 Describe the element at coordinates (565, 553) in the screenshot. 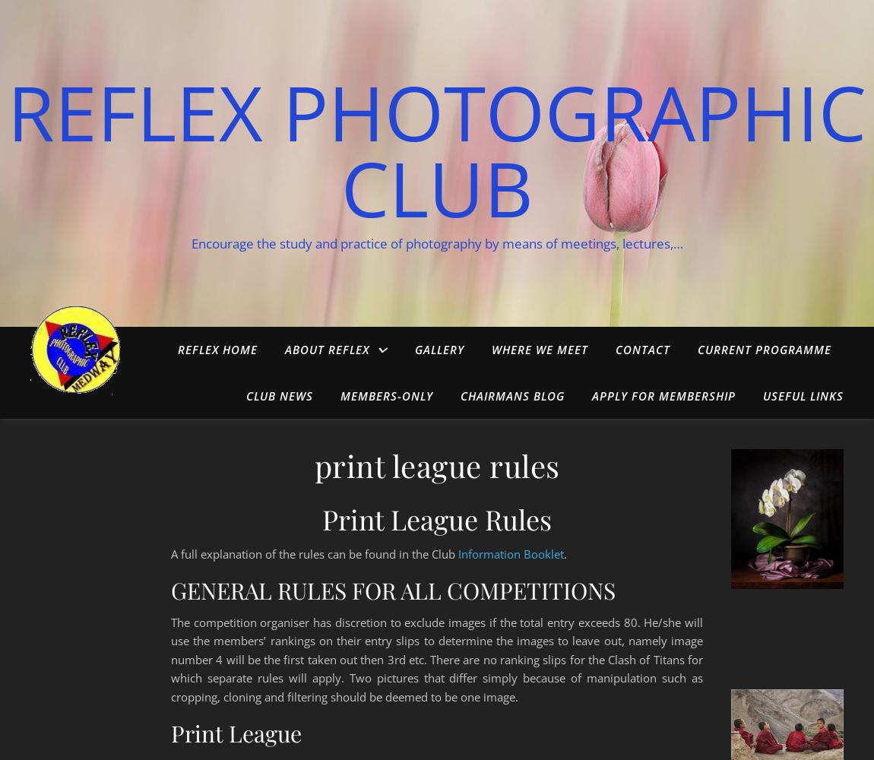

I see `'.'` at that location.